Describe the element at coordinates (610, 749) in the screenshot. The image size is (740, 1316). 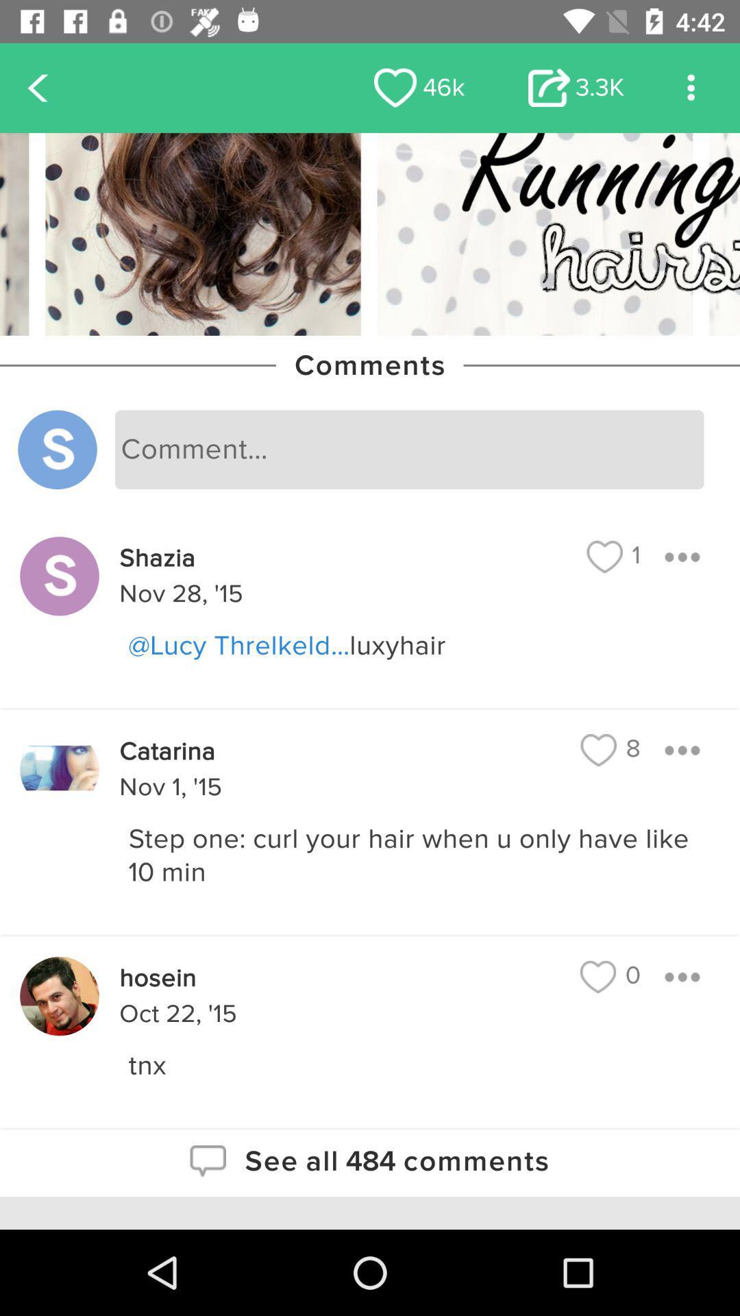
I see `the item above step one curl icon` at that location.